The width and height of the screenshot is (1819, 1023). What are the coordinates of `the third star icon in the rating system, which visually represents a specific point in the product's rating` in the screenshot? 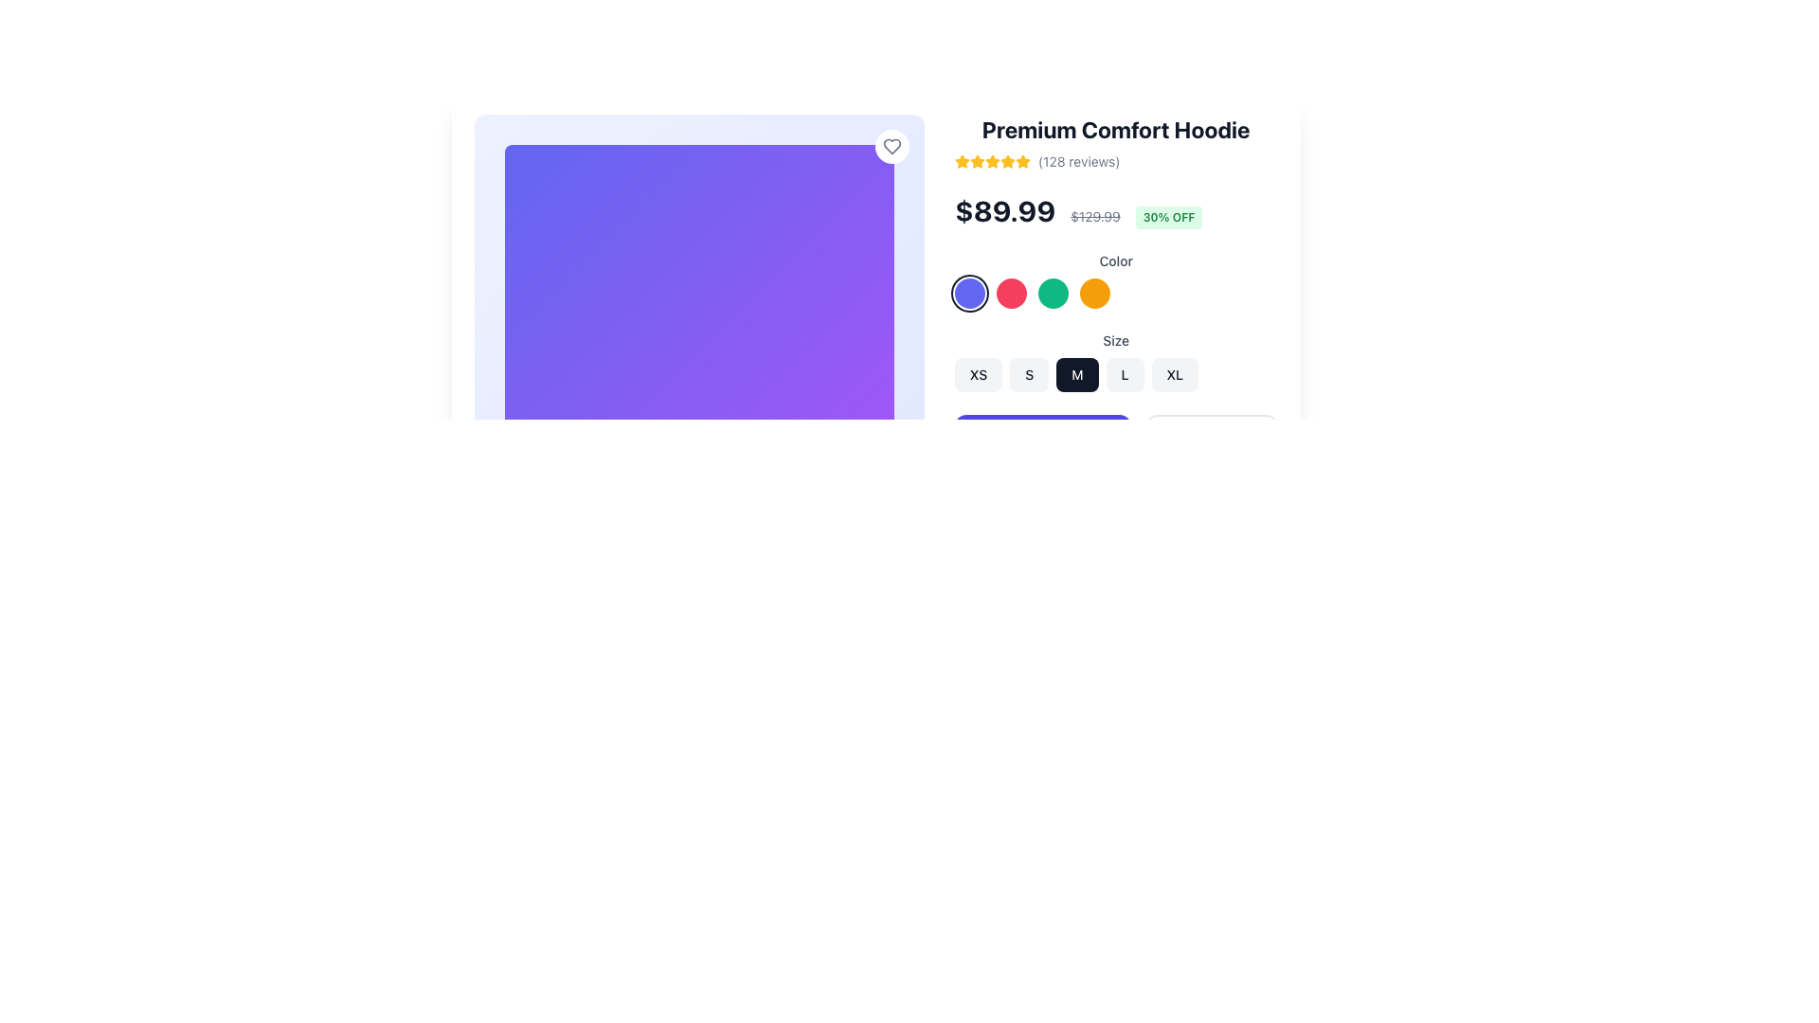 It's located at (991, 160).